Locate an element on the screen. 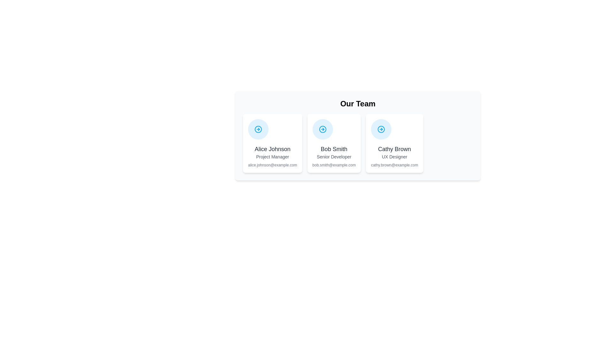 Image resolution: width=613 pixels, height=345 pixels. the profile card of Cathy Brown, which is the third card in the 'Our Team' section is located at coordinates (394, 143).